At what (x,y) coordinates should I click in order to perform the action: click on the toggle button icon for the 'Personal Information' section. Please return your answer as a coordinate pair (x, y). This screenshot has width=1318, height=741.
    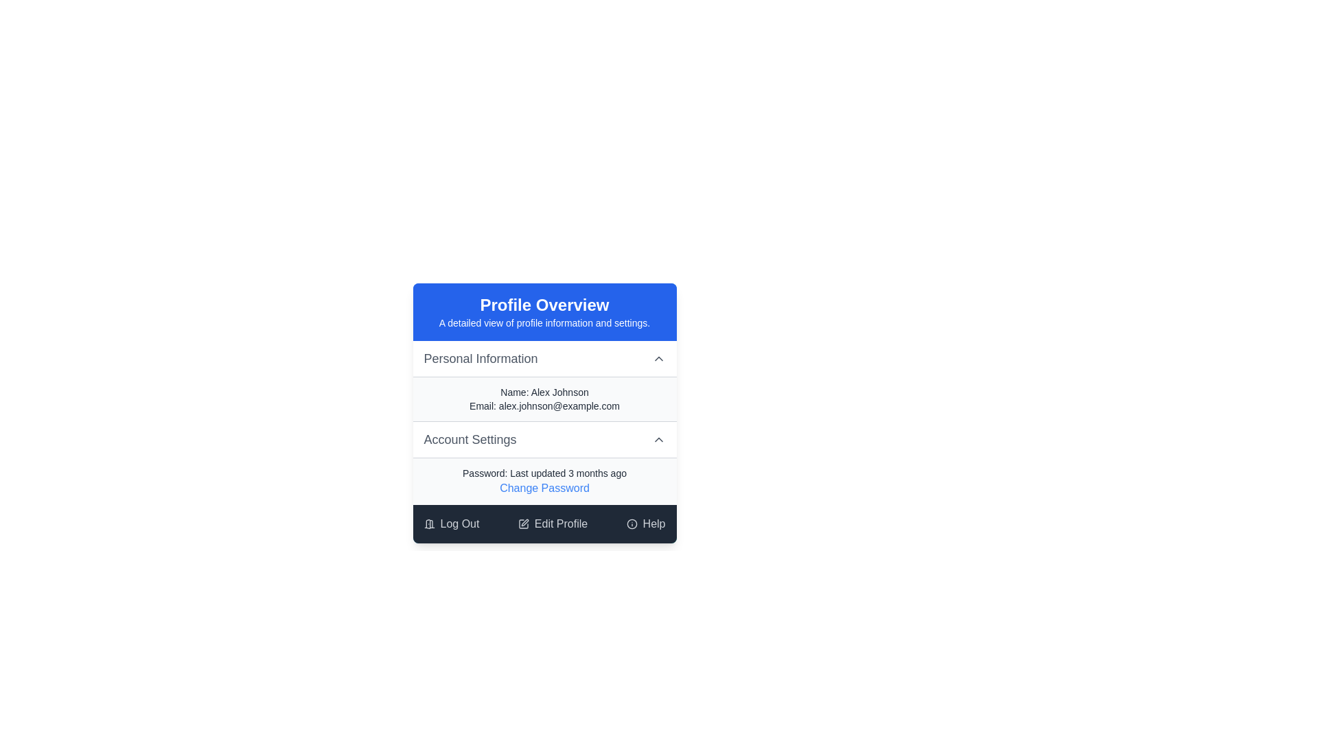
    Looking at the image, I should click on (658, 358).